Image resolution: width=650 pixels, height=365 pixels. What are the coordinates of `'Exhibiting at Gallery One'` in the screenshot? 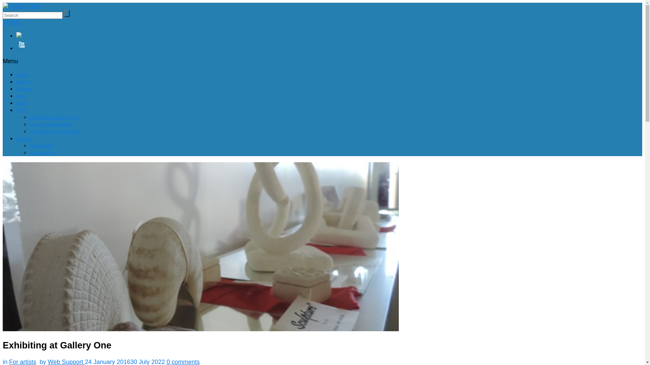 It's located at (53, 117).